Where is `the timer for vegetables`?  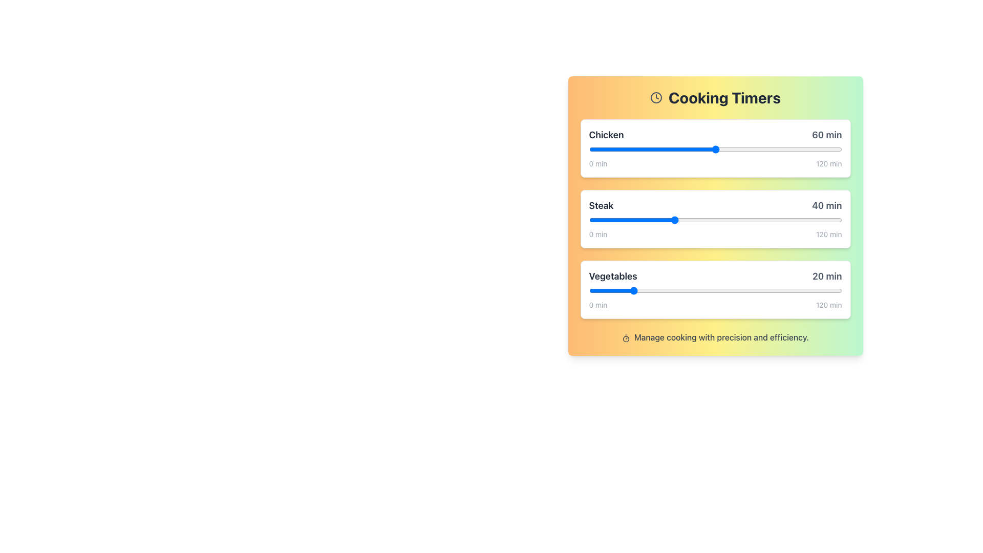
the timer for vegetables is located at coordinates (723, 290).